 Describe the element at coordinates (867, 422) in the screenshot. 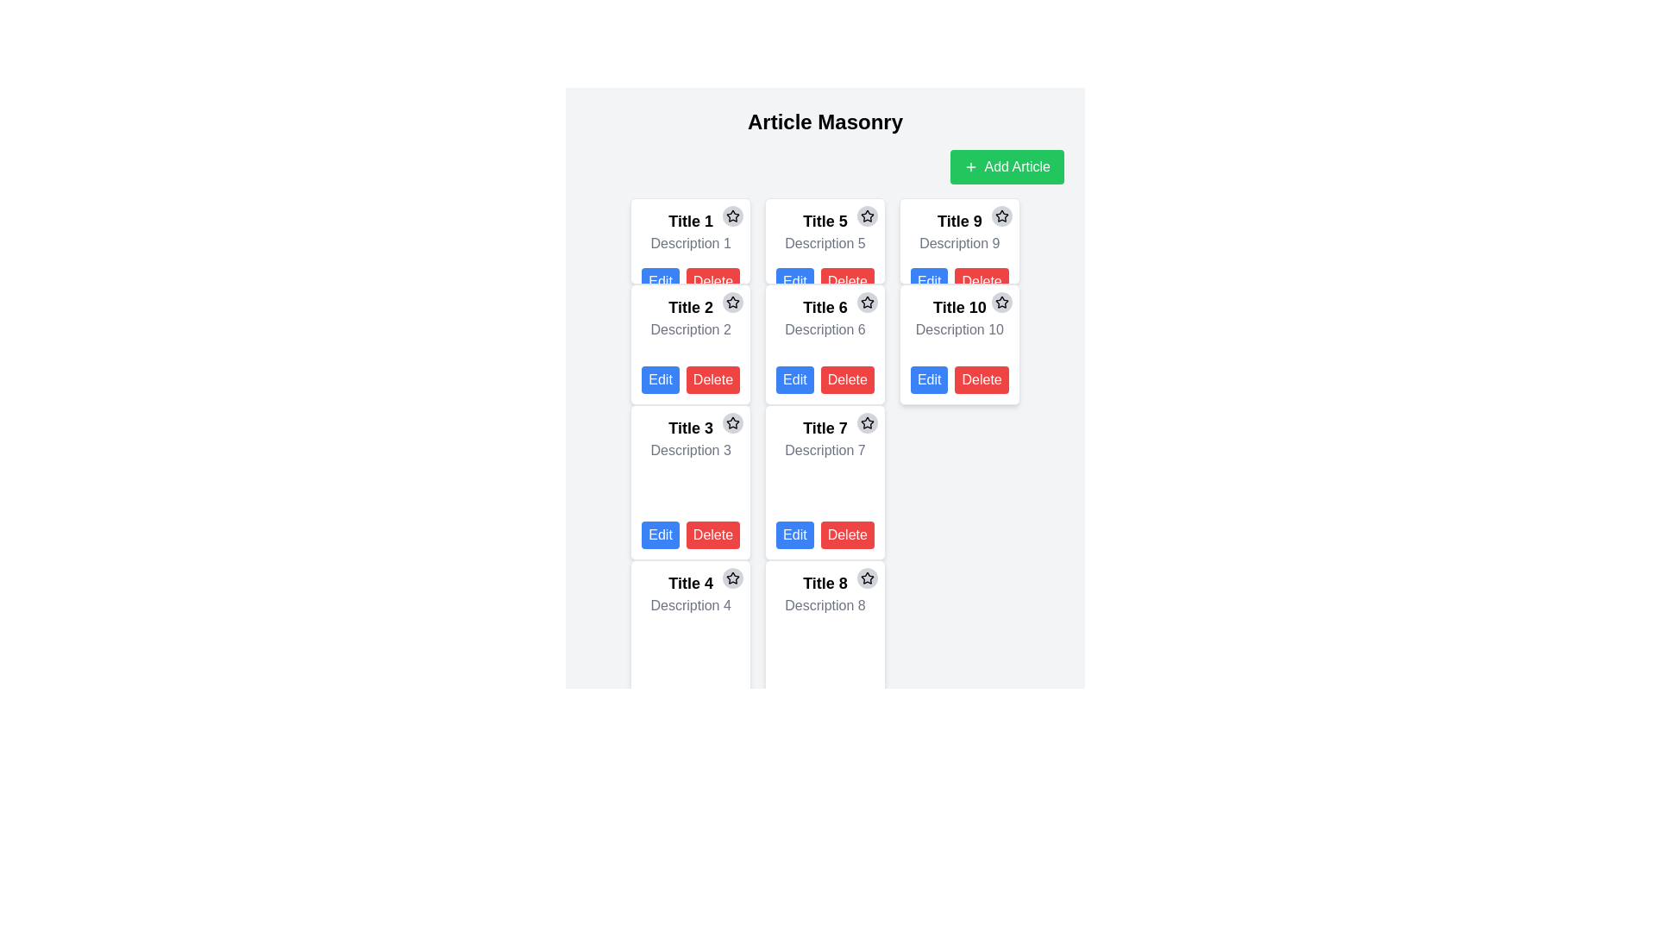

I see `the star icon in the top right corner of the card labeled 'Title 7'` at that location.